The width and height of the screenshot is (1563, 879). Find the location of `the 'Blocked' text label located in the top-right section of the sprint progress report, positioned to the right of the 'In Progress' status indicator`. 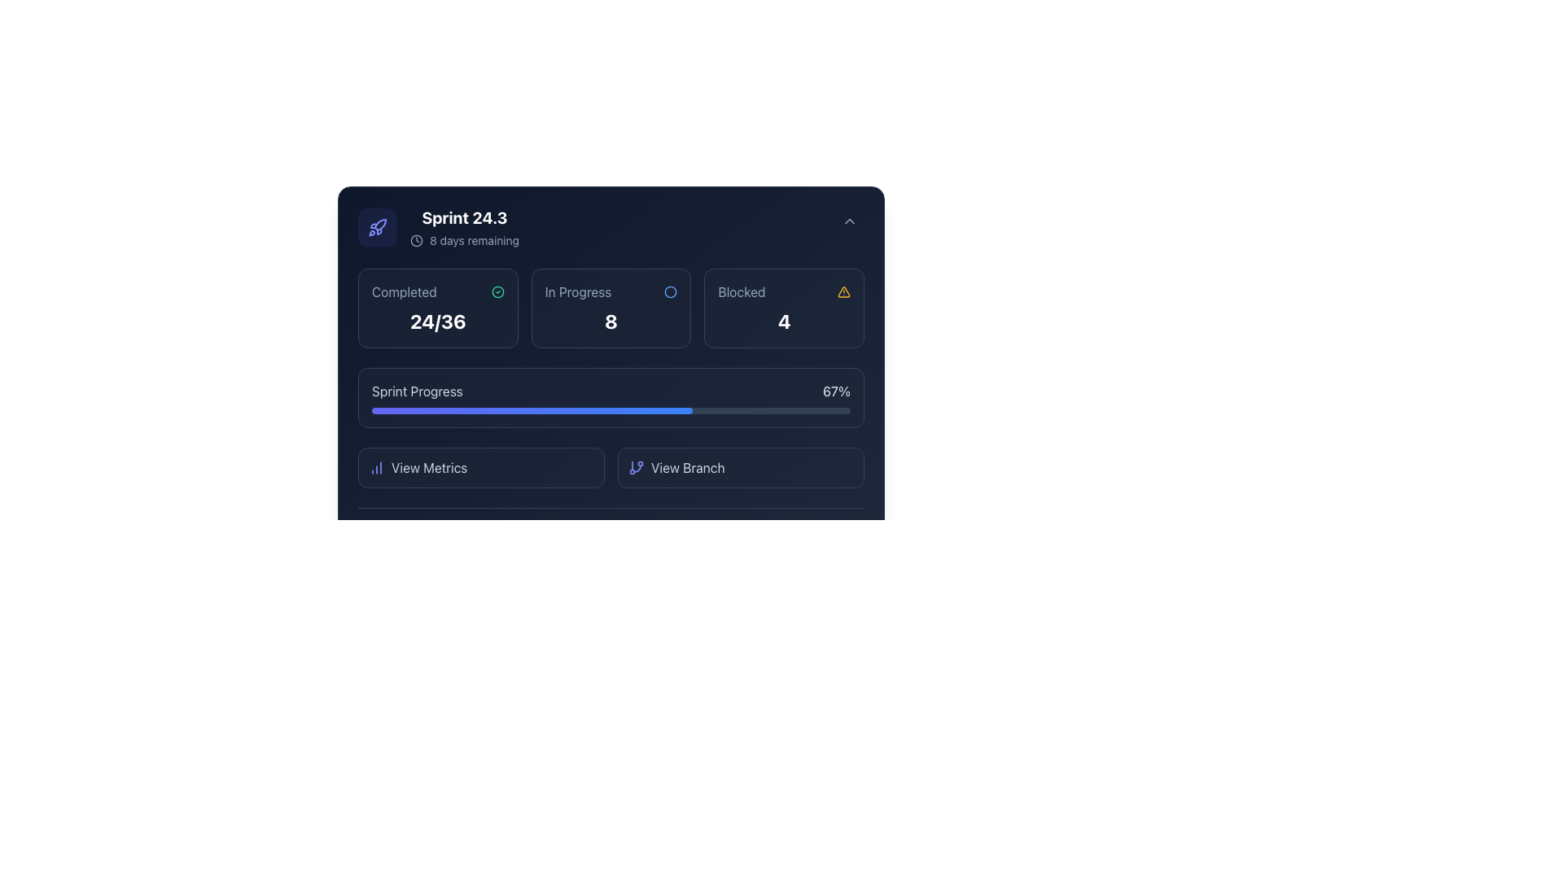

the 'Blocked' text label located in the top-right section of the sprint progress report, positioned to the right of the 'In Progress' status indicator is located at coordinates (741, 291).